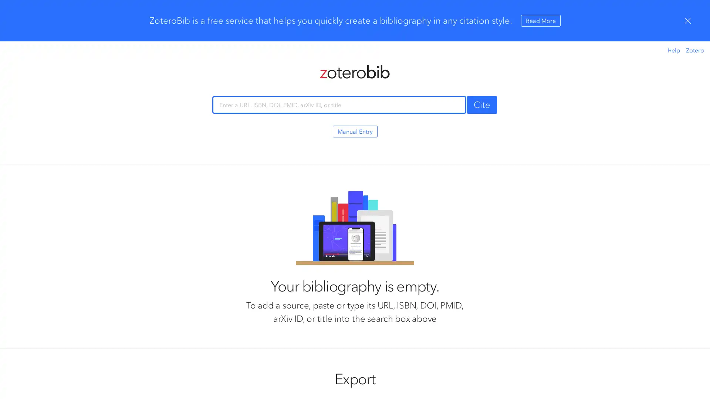  Describe the element at coordinates (354, 131) in the screenshot. I see `Manual Entry` at that location.